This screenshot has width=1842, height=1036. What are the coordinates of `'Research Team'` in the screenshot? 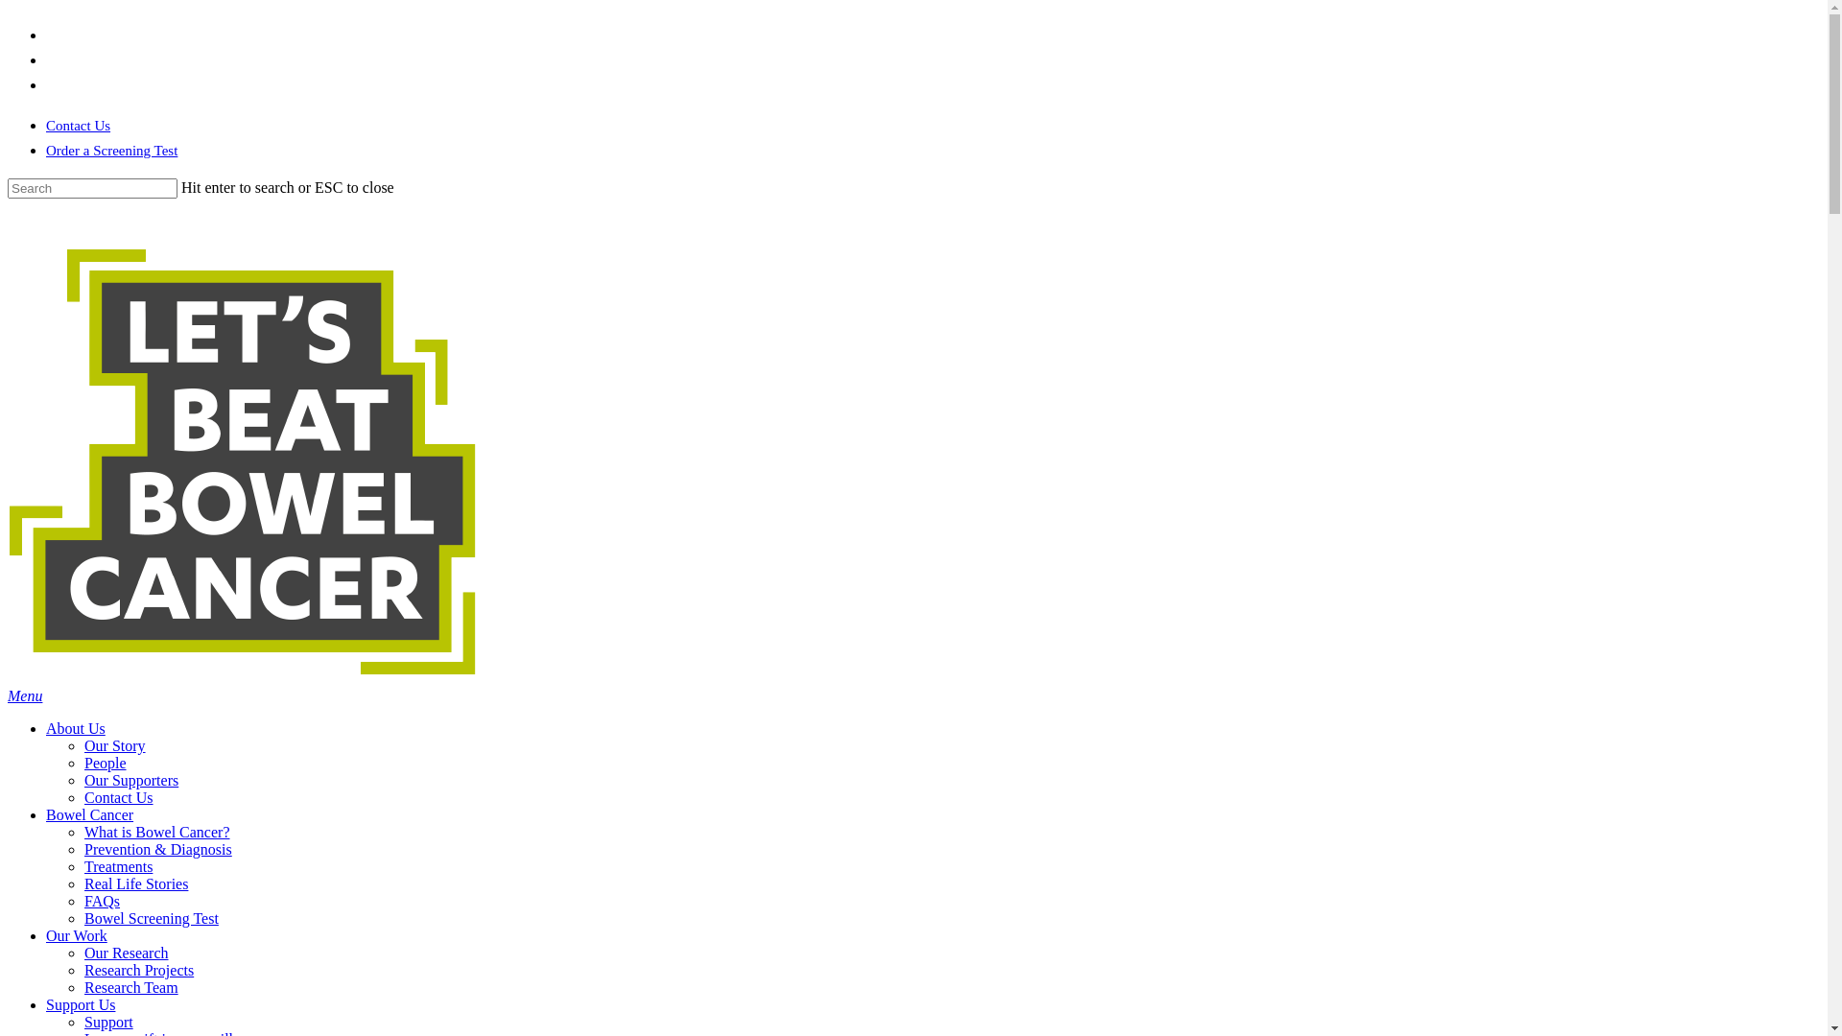 It's located at (130, 987).